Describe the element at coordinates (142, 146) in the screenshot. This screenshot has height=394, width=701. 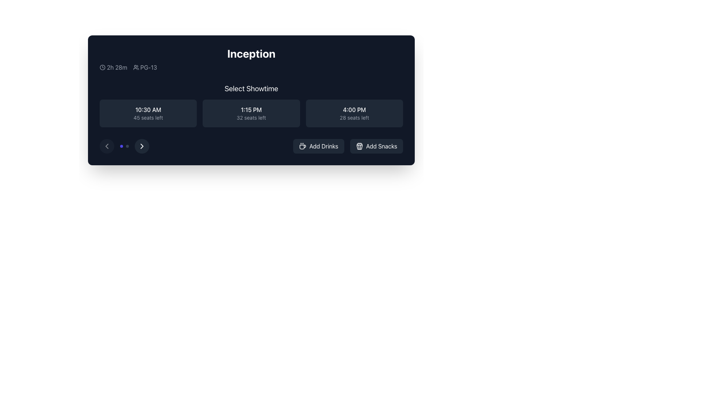
I see `the circular button with a dark gray background and a white right-facing chevron icon at its center` at that location.